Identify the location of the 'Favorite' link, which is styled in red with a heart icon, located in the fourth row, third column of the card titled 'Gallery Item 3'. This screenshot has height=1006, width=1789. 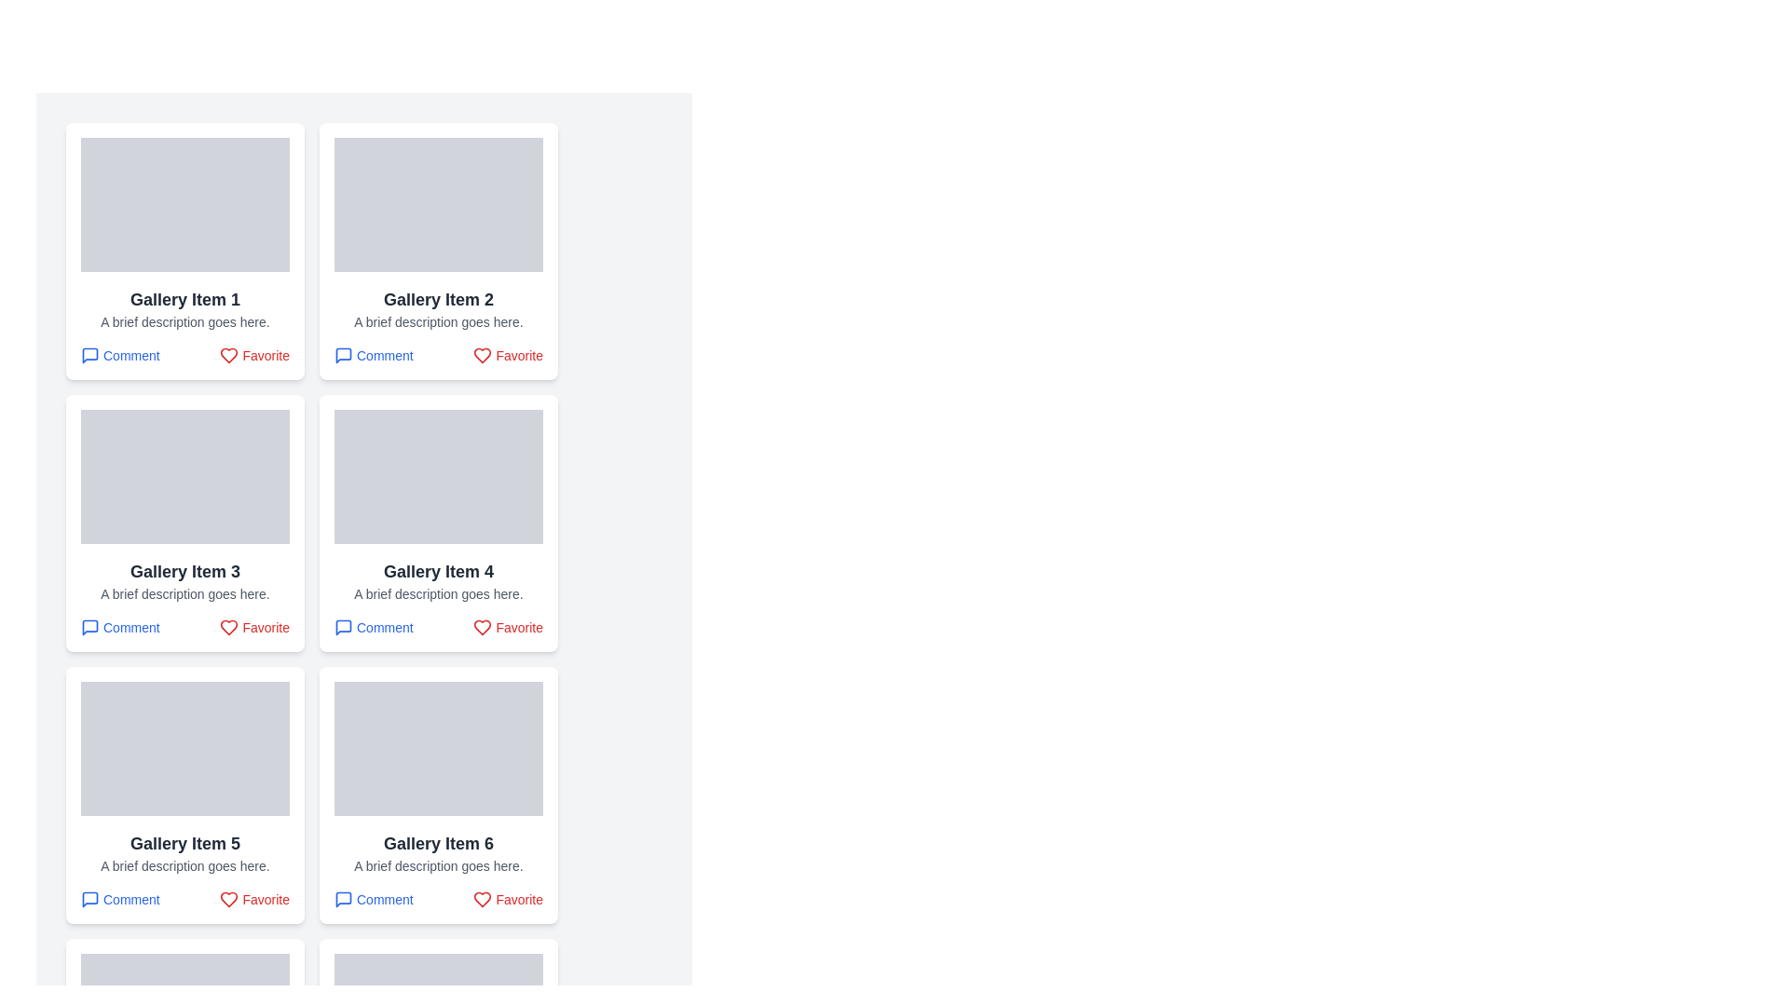
(184, 628).